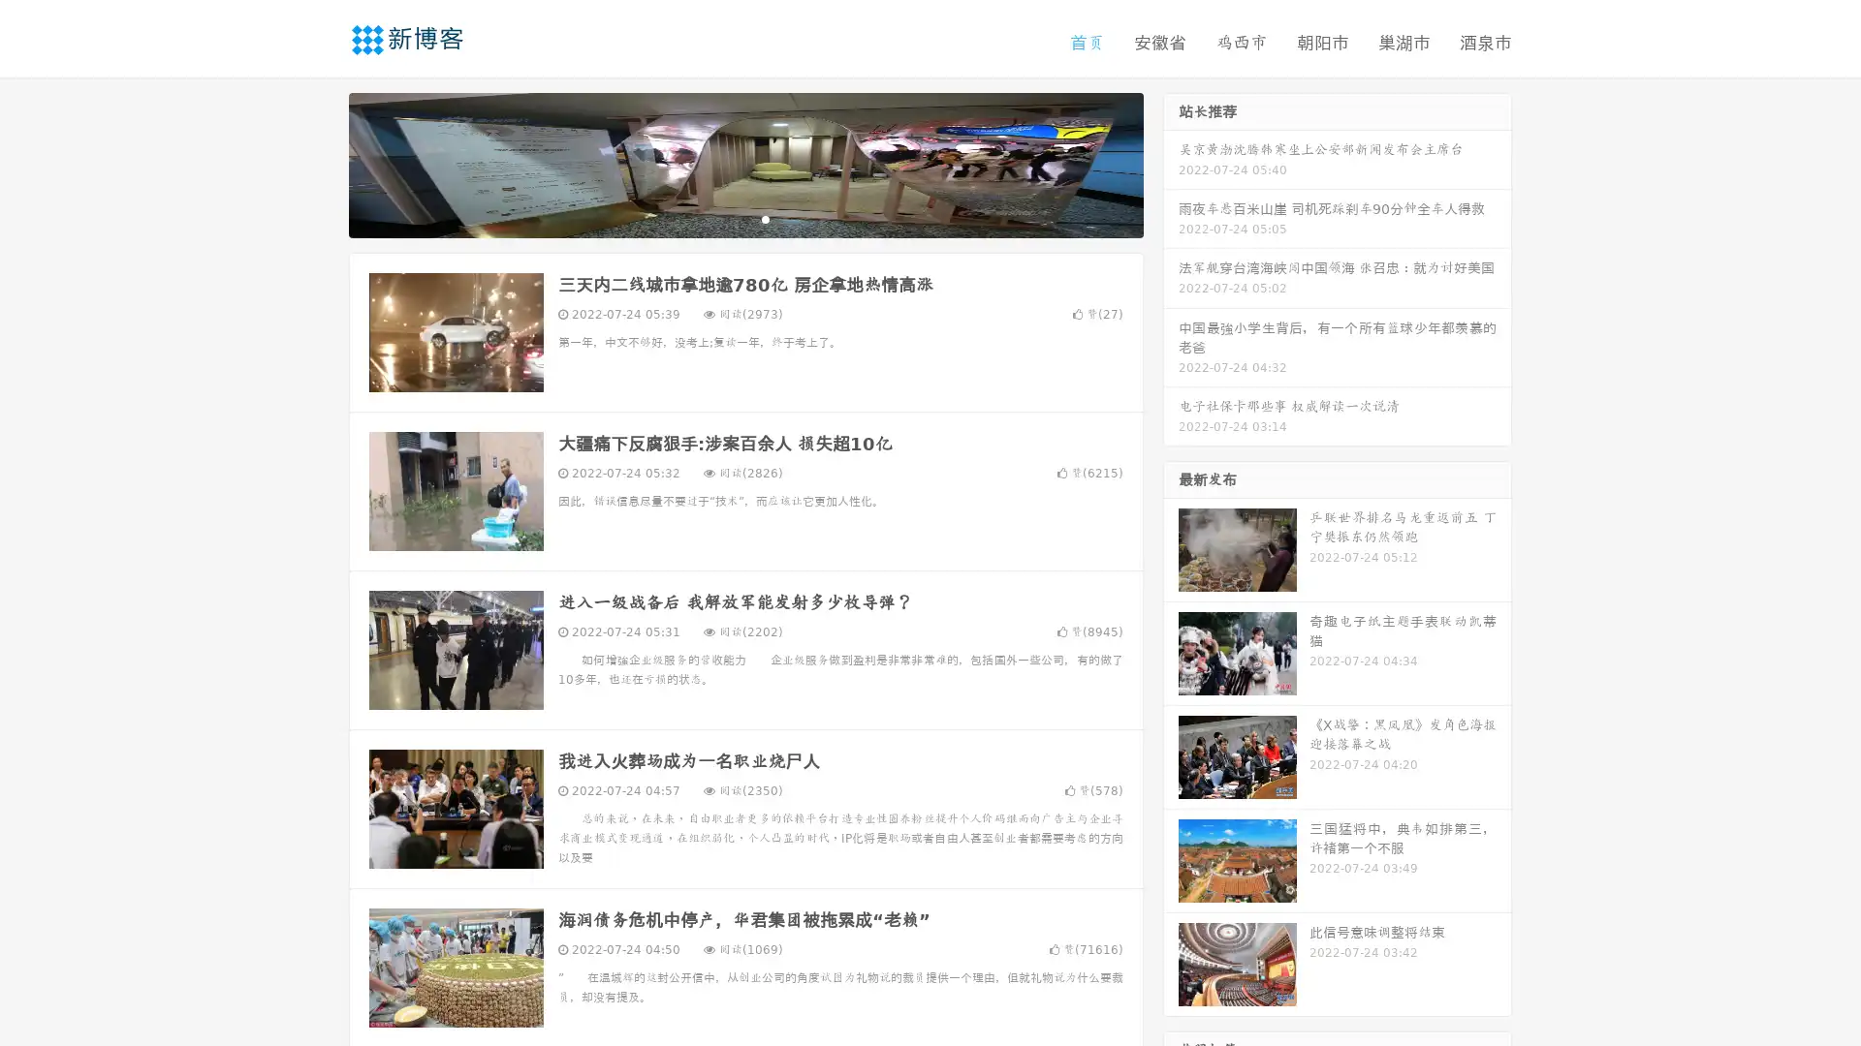  Describe the element at coordinates (320, 163) in the screenshot. I see `Previous slide` at that location.